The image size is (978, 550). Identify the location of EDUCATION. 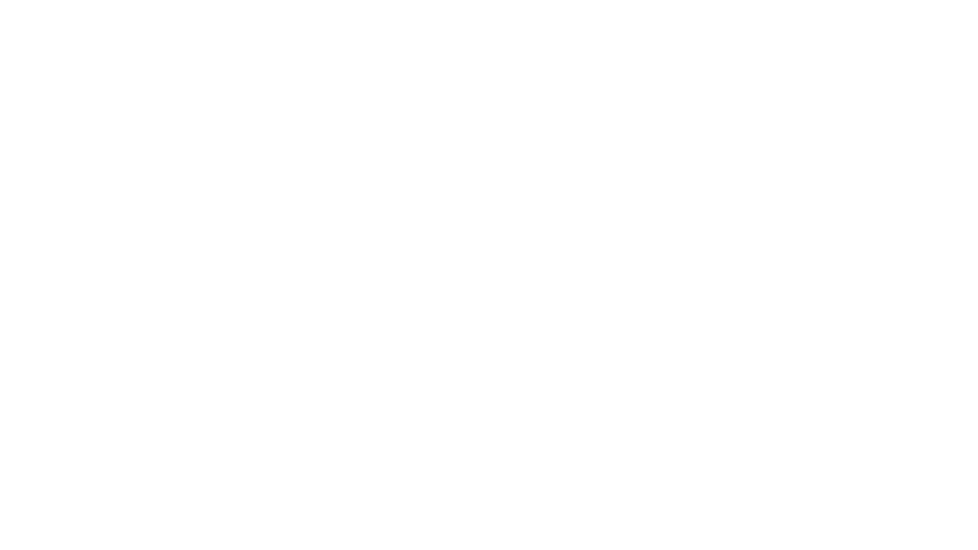
(321, 78).